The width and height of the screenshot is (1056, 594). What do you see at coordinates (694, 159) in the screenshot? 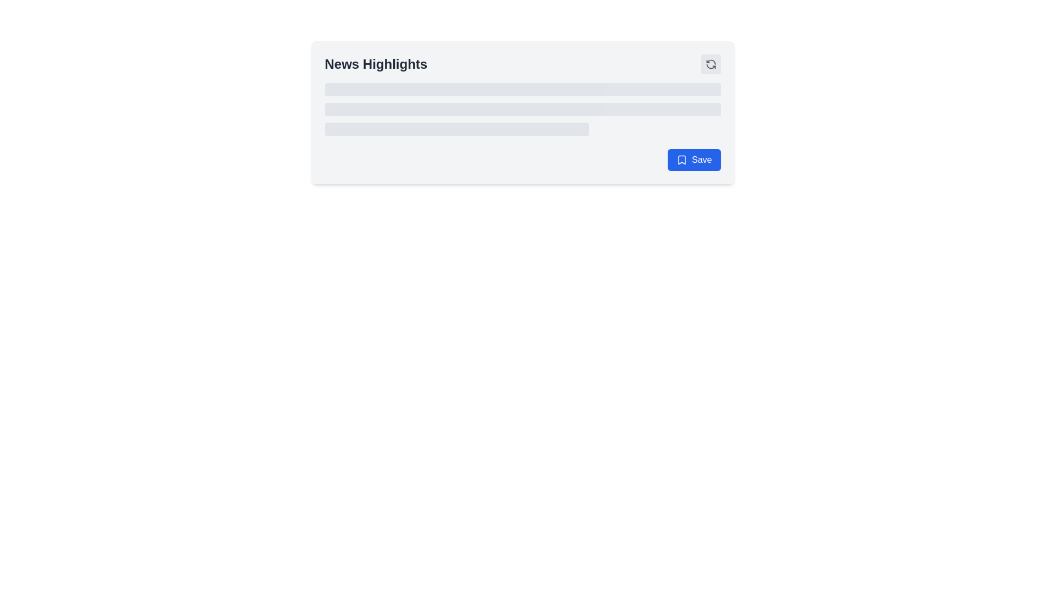
I see `the 'Save' button with a blue background and white text, located in the bottom-right corner of the 'News Highlights' card UI` at bounding box center [694, 159].